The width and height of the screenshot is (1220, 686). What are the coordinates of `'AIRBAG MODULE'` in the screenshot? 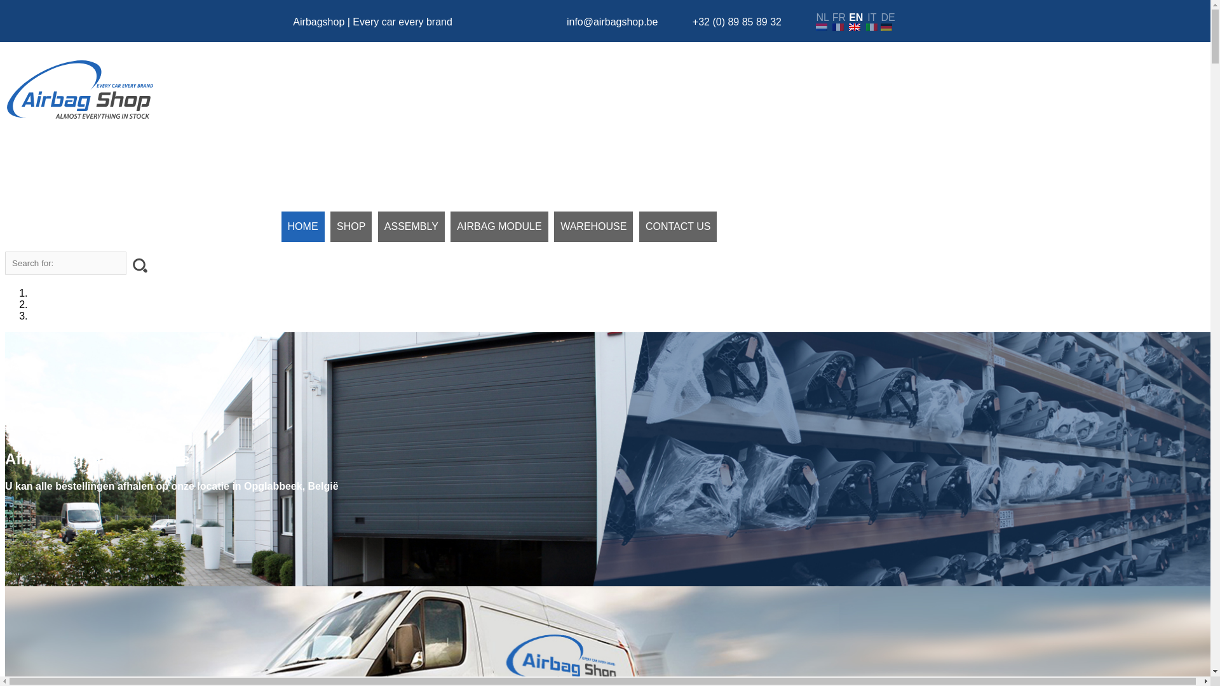 It's located at (498, 226).